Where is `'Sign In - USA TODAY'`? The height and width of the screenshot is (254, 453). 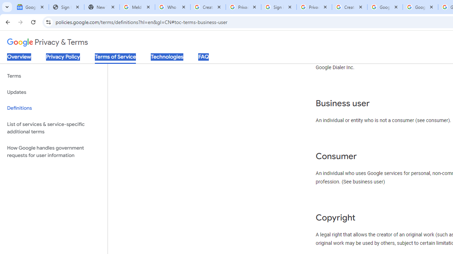 'Sign In - USA TODAY' is located at coordinates (67, 7).